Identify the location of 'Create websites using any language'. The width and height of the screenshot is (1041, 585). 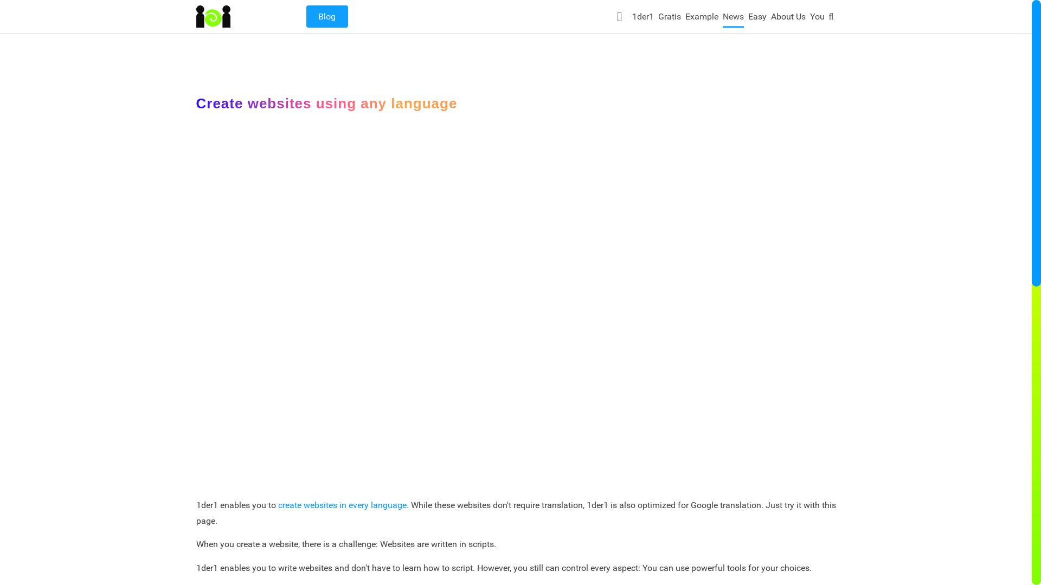
(515, 302).